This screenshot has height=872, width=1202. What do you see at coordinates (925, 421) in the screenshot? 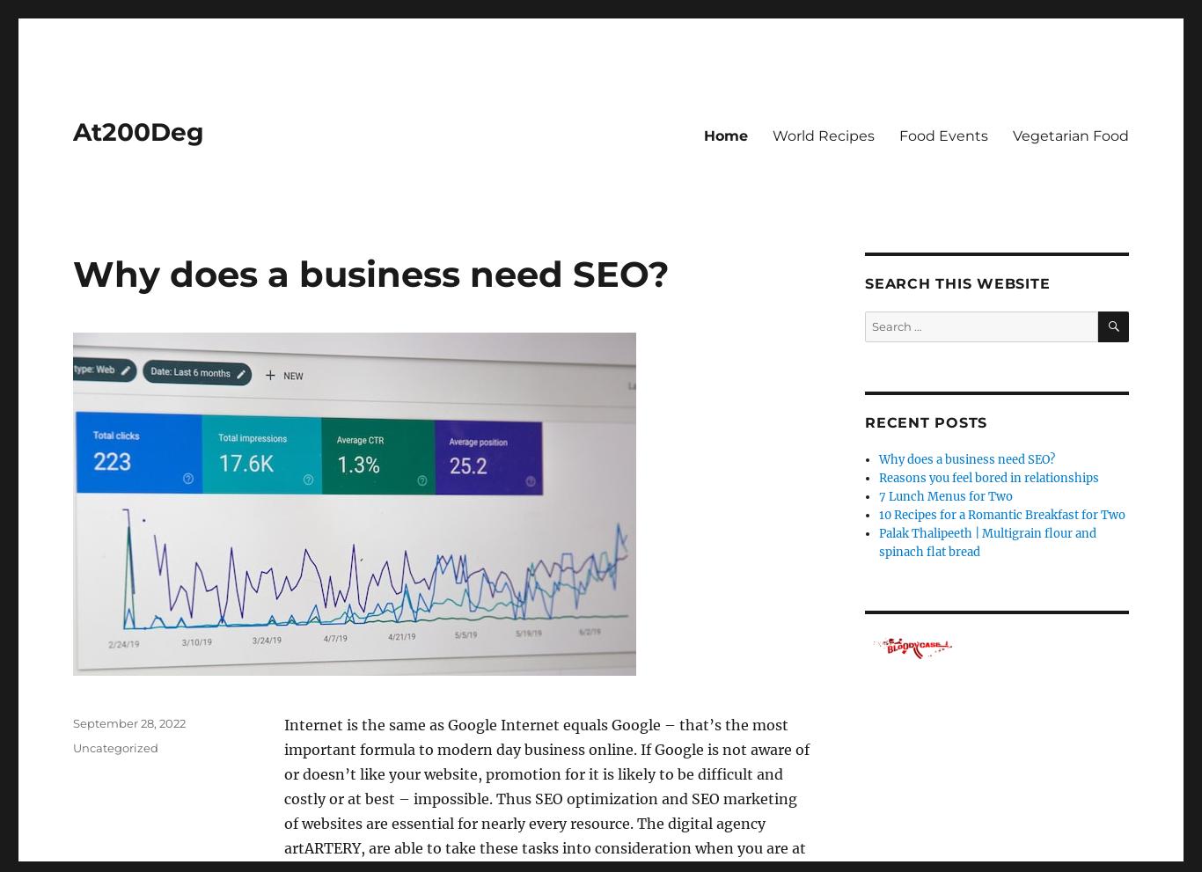
I see `'Recent Posts'` at bounding box center [925, 421].